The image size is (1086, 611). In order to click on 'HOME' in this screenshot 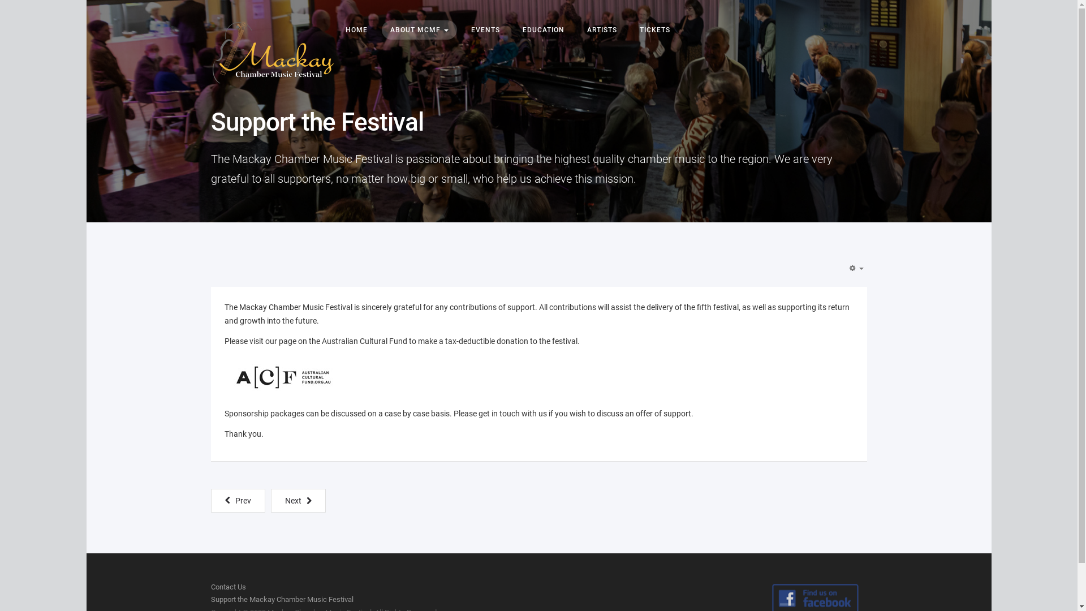, I will do `click(336, 29)`.